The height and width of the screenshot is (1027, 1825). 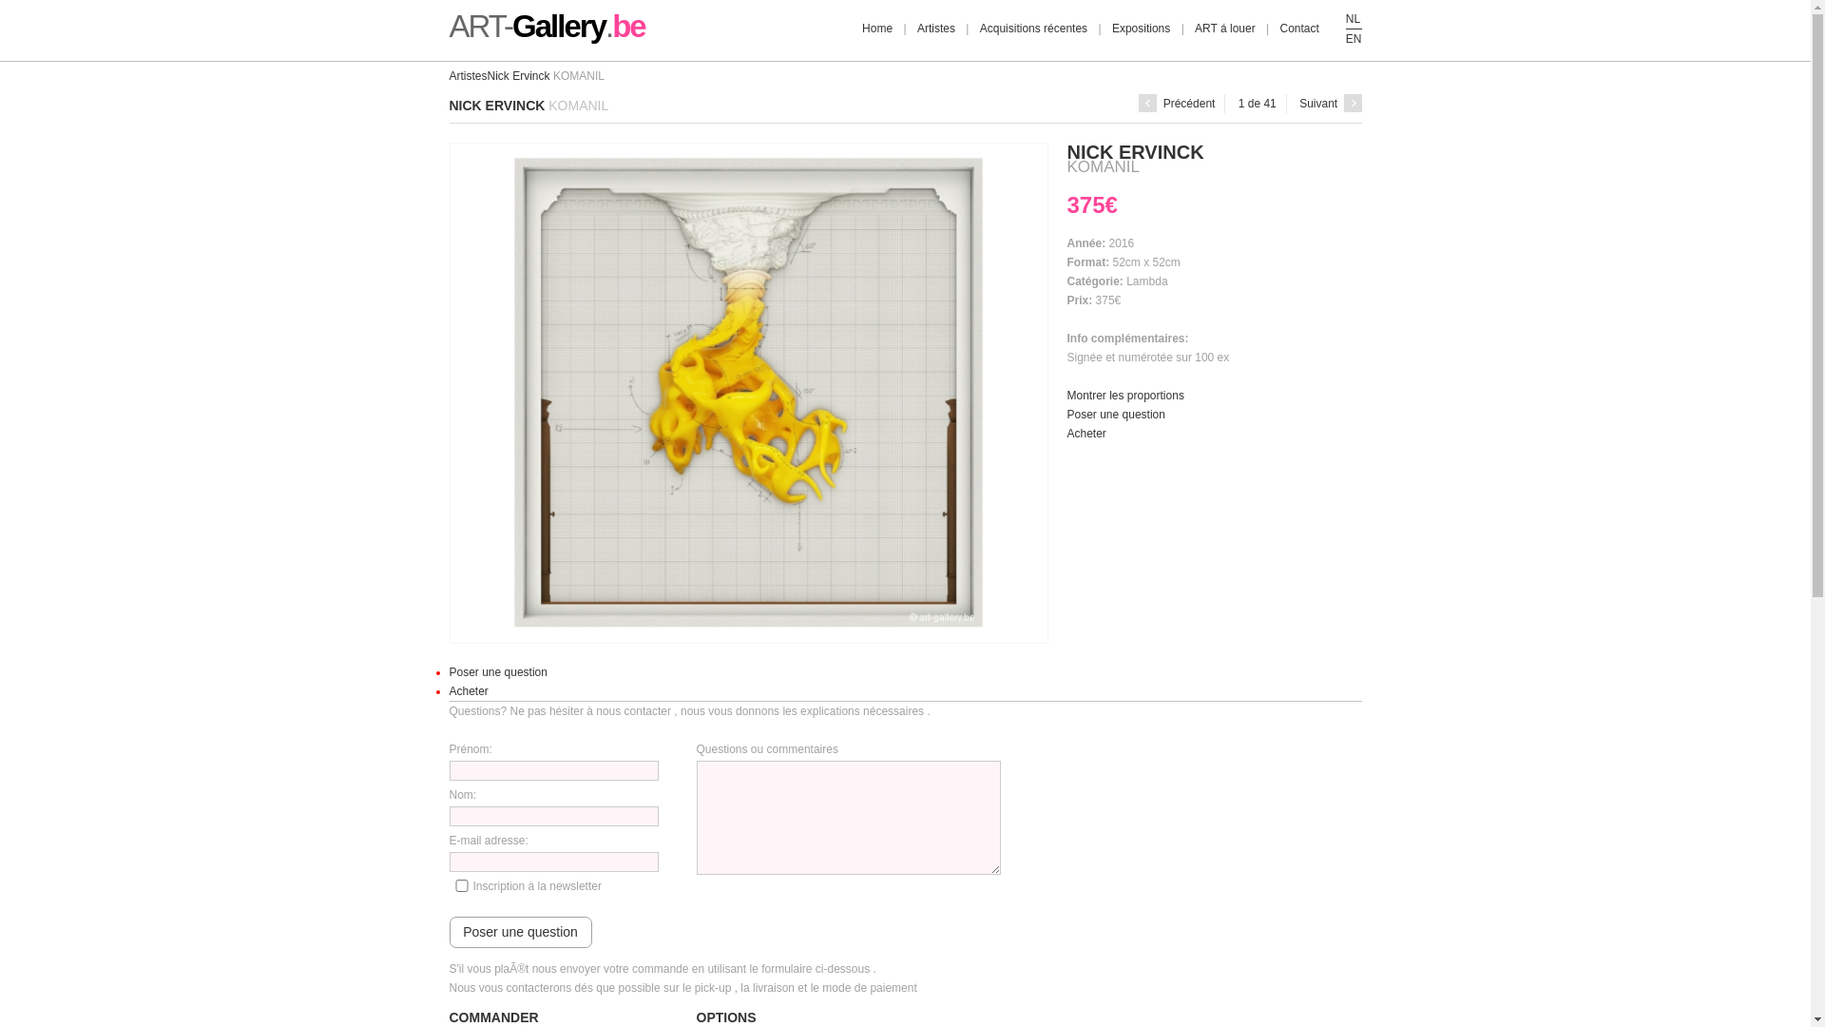 I want to click on 'Poser une question', so click(x=520, y=931).